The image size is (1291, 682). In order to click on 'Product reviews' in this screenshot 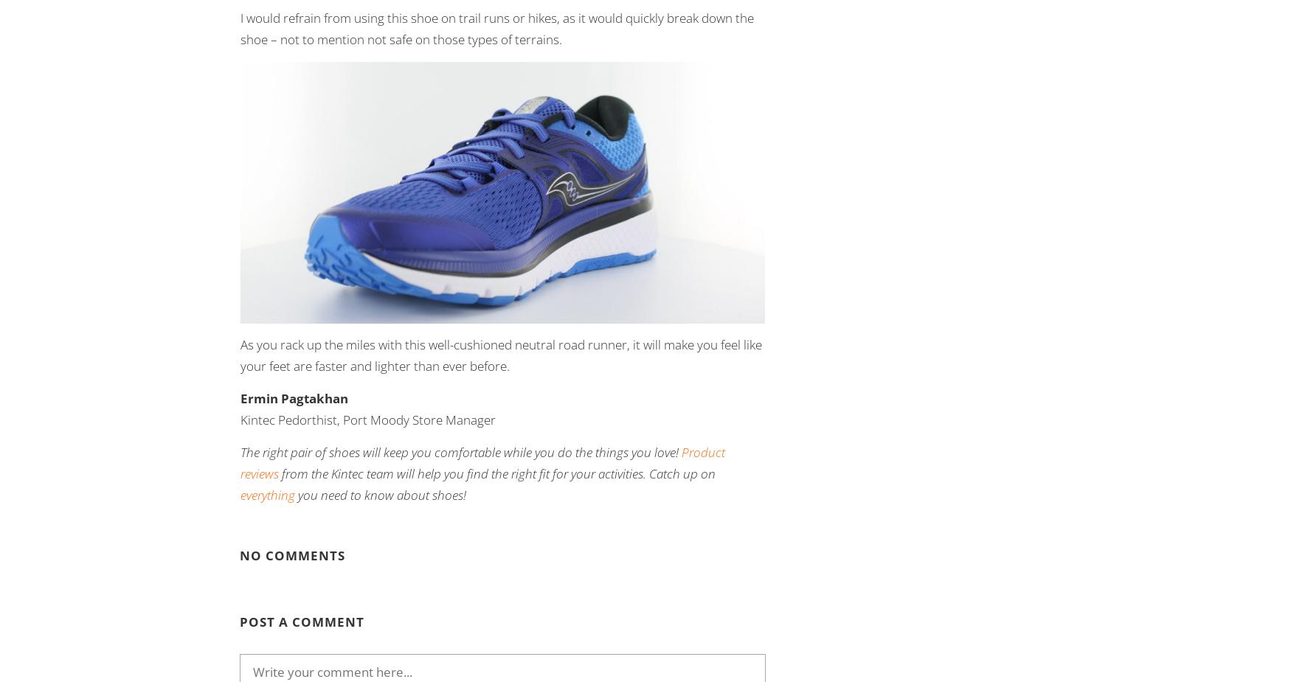, I will do `click(482, 462)`.